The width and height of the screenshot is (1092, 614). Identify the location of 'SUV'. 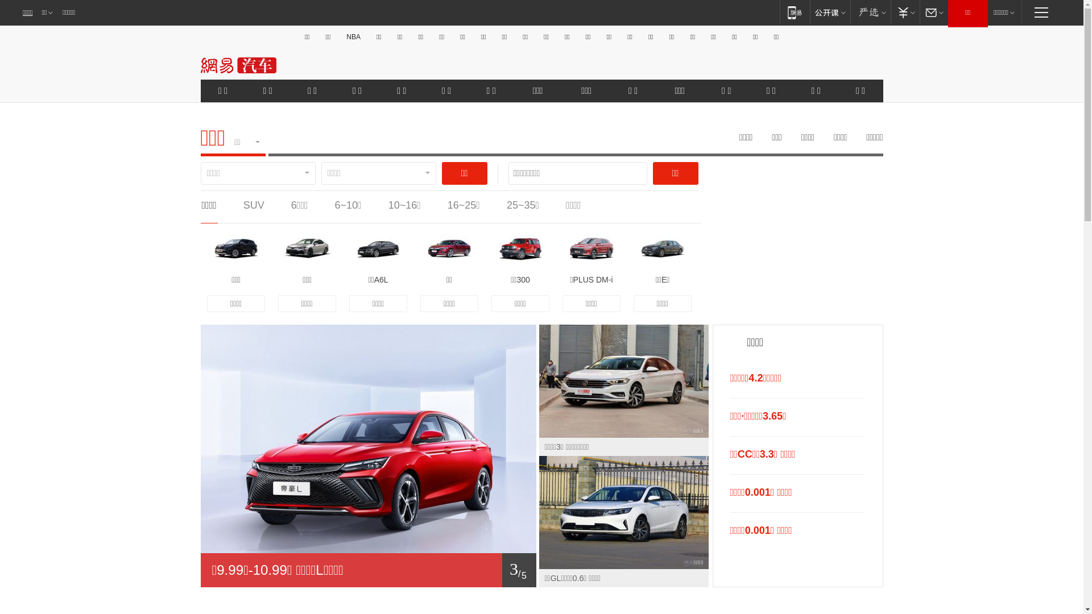
(253, 205).